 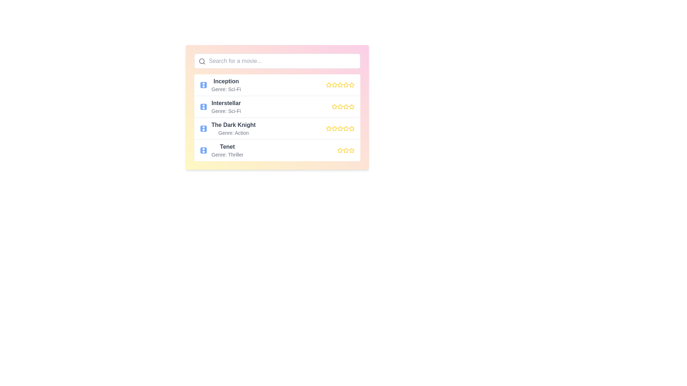 I want to click on the text label displaying 'Genre: Sci-Fi.' which is located beneath the title 'Interstellar' in the vertically arranged list of entries, so click(x=226, y=111).